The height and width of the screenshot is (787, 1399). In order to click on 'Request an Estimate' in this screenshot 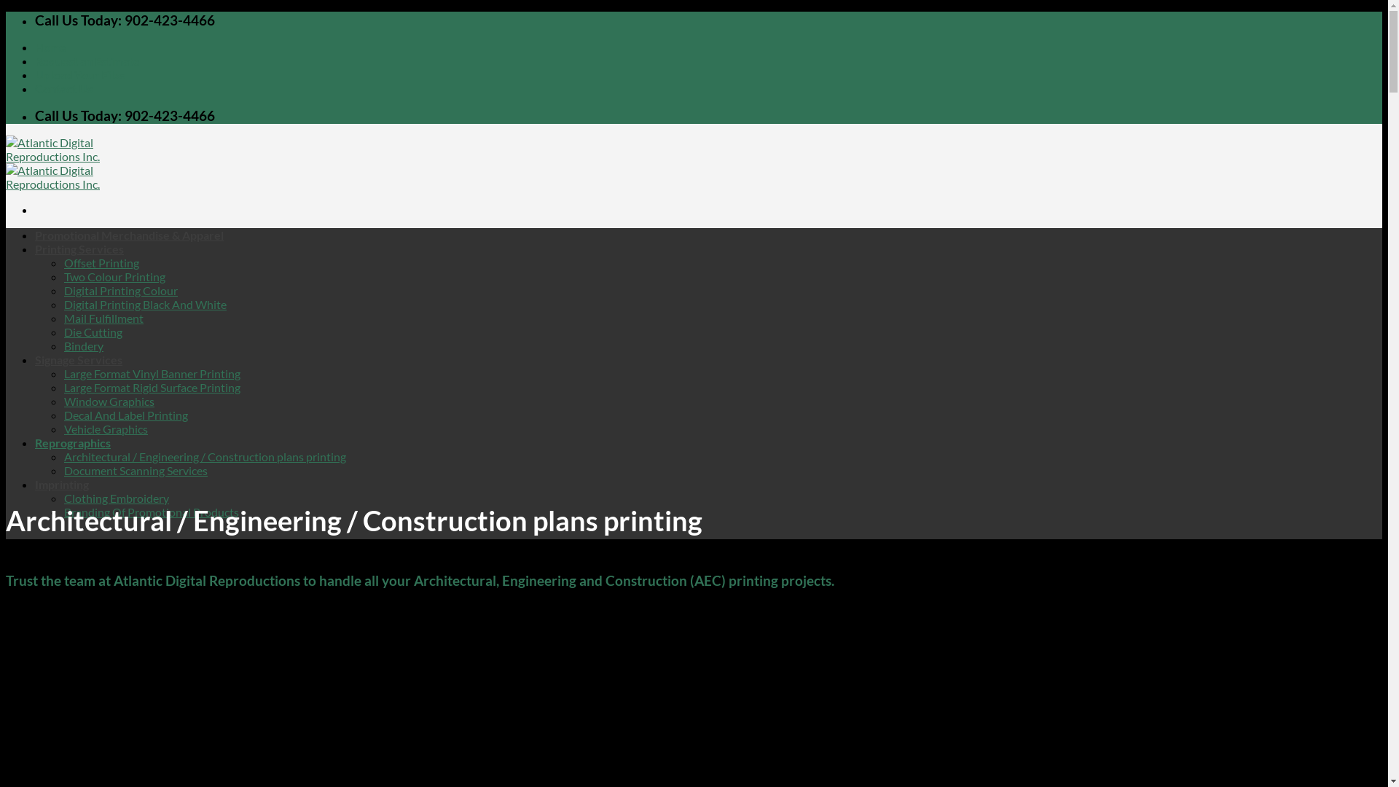, I will do `click(87, 60)`.